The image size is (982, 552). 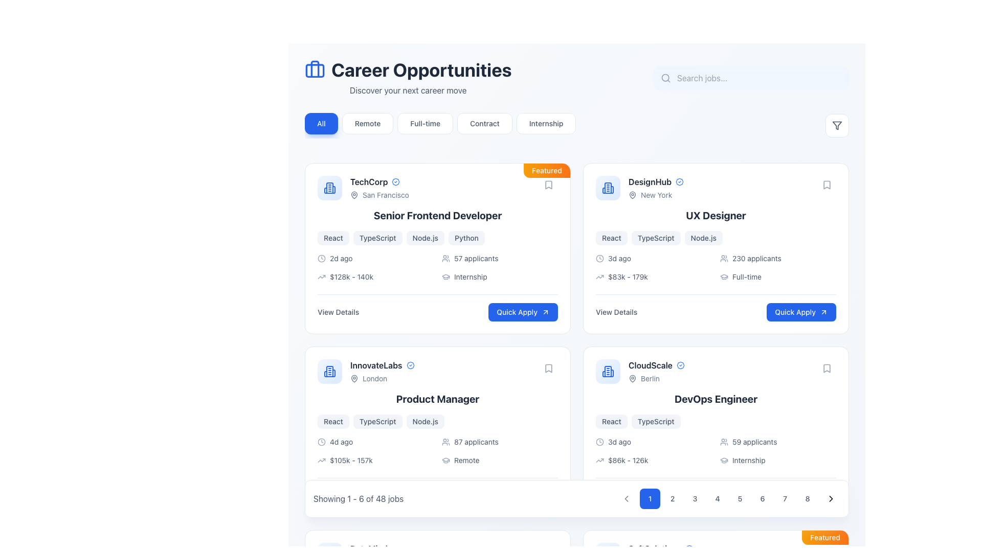 What do you see at coordinates (716, 267) in the screenshot?
I see `displayed information from the grid layout containing job-related metadata for the 'UX Designer' position at 'DesignHub, New York'` at bounding box center [716, 267].